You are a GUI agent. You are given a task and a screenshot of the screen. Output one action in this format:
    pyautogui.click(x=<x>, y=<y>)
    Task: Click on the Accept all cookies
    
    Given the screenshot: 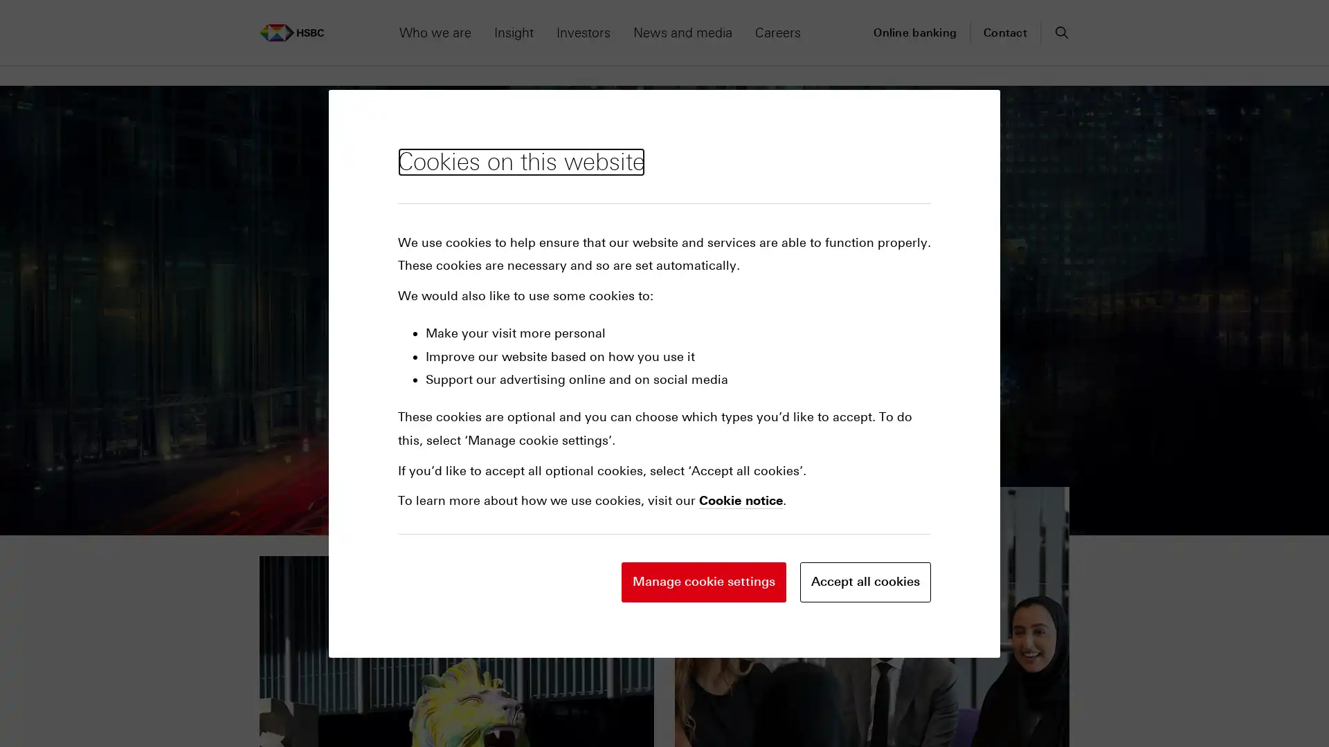 What is the action you would take?
    pyautogui.click(x=865, y=582)
    